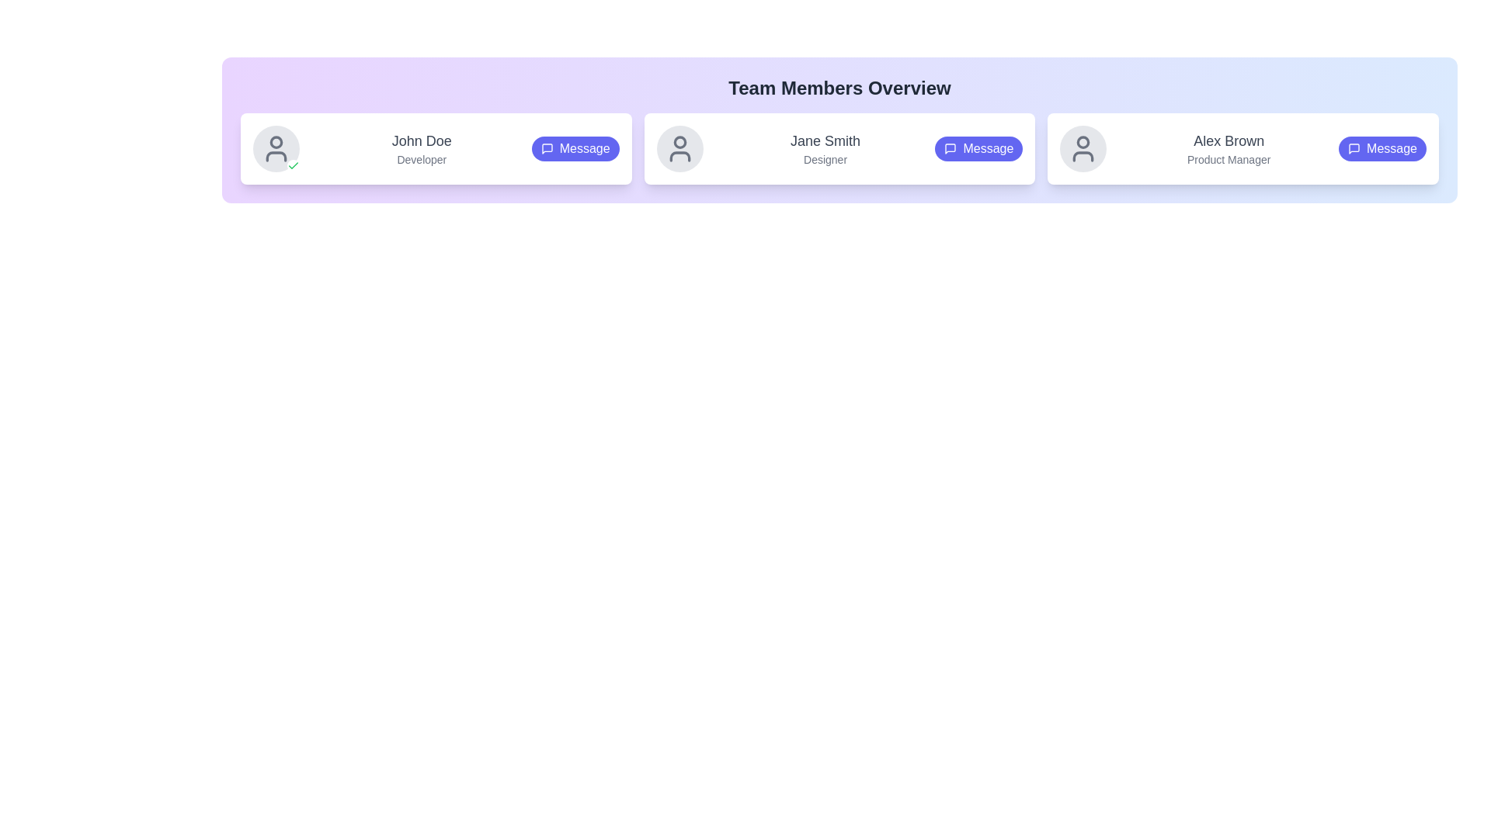 Image resolution: width=1491 pixels, height=838 pixels. I want to click on the speech bubble icon representing the messaging function in the profile panel of Jane Smith, so click(950, 149).